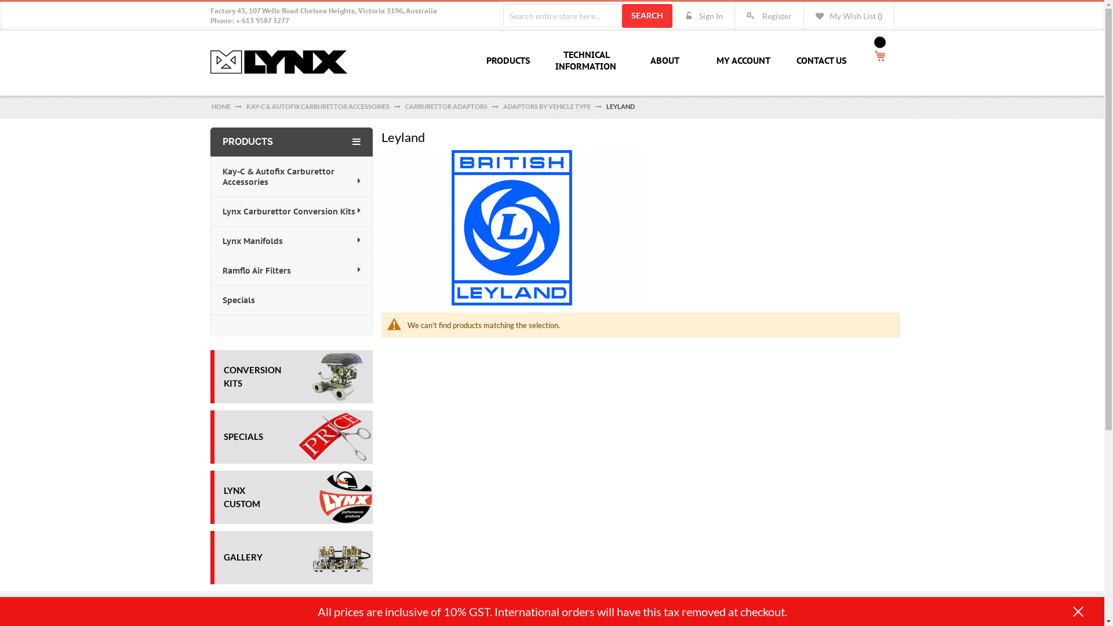 This screenshot has height=626, width=1113. What do you see at coordinates (292, 271) in the screenshot?
I see `'Ramflo Air Filters'` at bounding box center [292, 271].